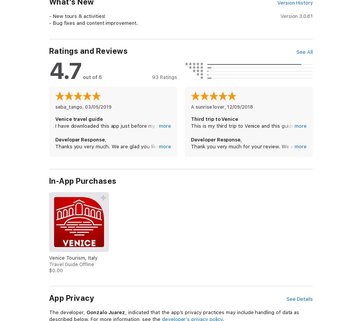 Image resolution: width=362 pixels, height=321 pixels. What do you see at coordinates (96, 69) in the screenshot?
I see `'------------------------------------------'` at bounding box center [96, 69].